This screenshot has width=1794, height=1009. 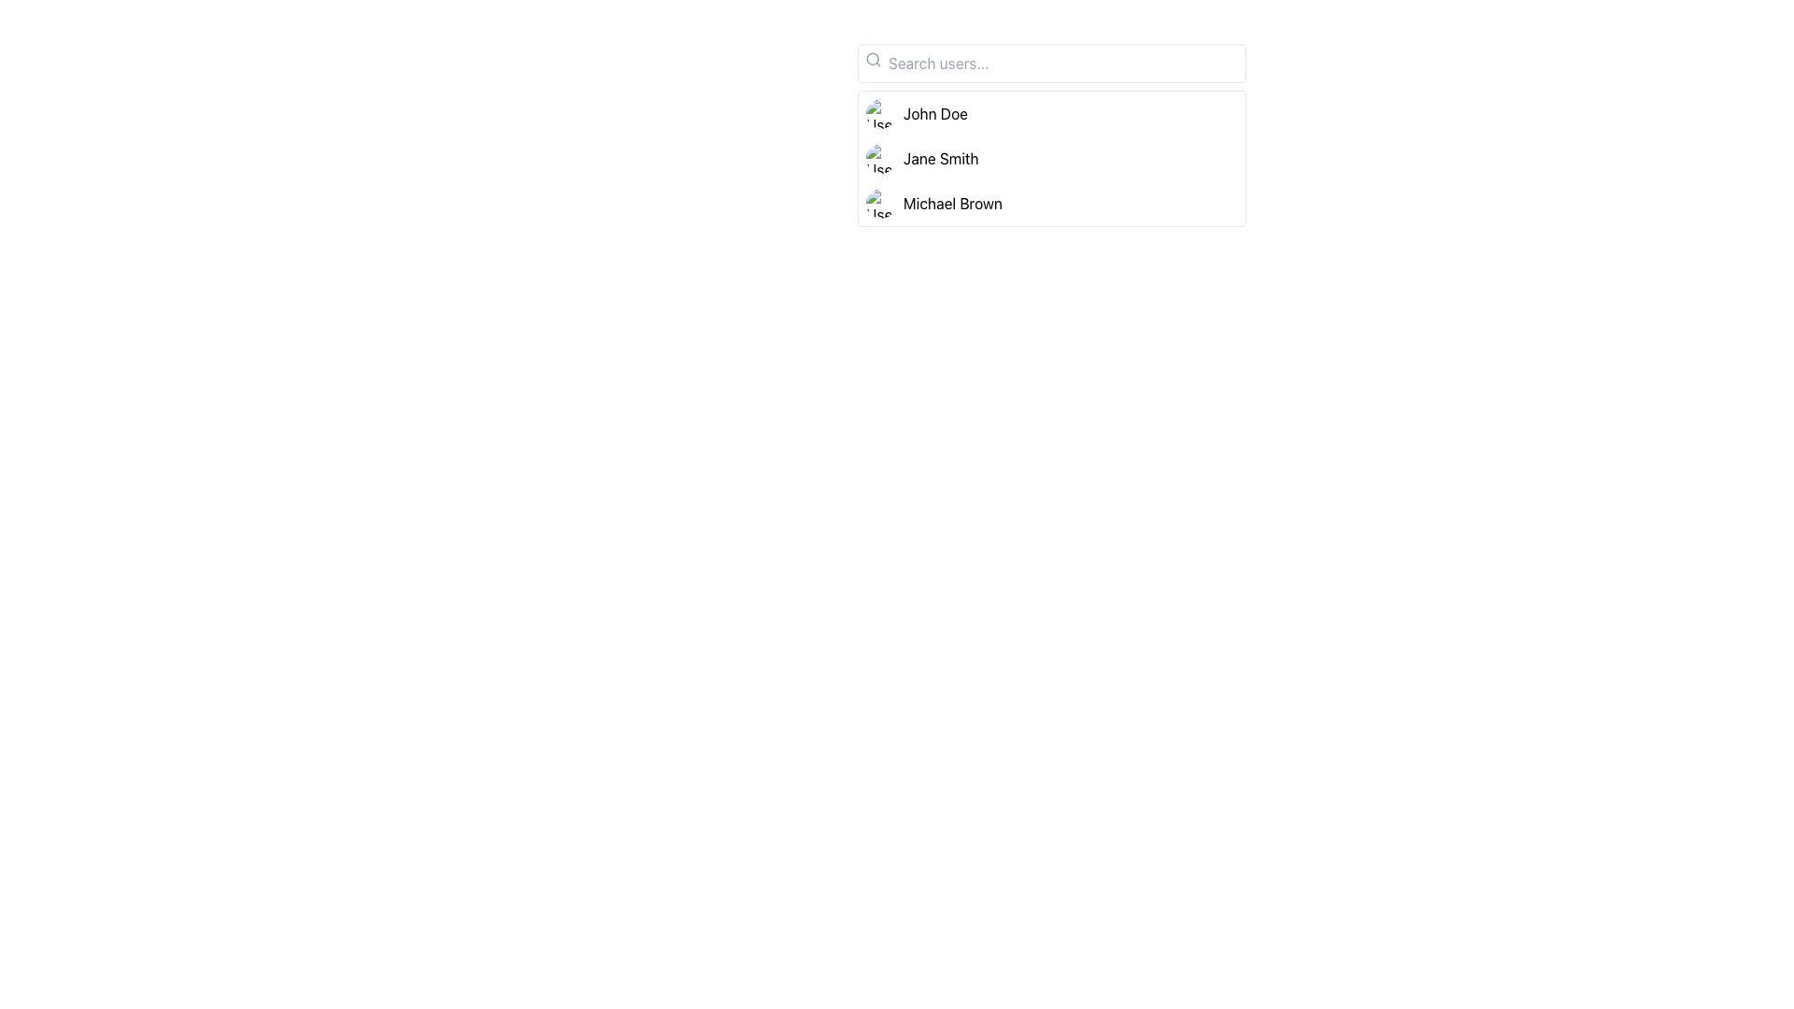 I want to click on the SVG Circle element that represents the circular part of the magnifying glass icon, so click(x=872, y=58).